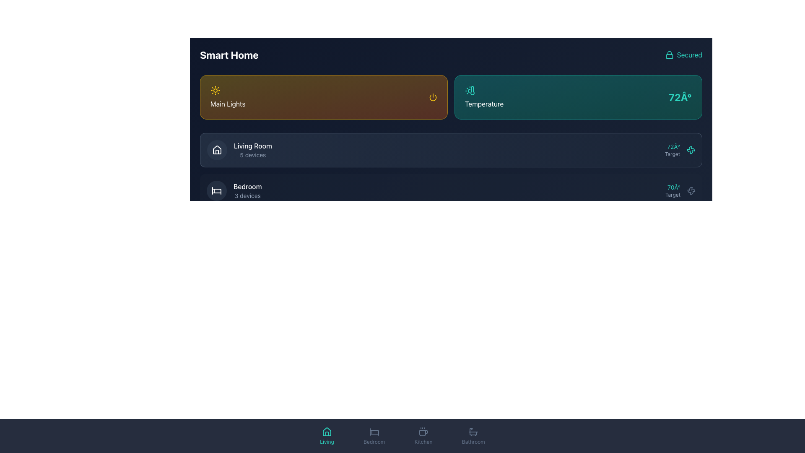 This screenshot has height=453, width=805. I want to click on the sun-shaped icon, which is a bright yellow icon located in the 'Main Lights' card, positioned at the top left corner above the text label 'Main Lights', so click(215, 91).